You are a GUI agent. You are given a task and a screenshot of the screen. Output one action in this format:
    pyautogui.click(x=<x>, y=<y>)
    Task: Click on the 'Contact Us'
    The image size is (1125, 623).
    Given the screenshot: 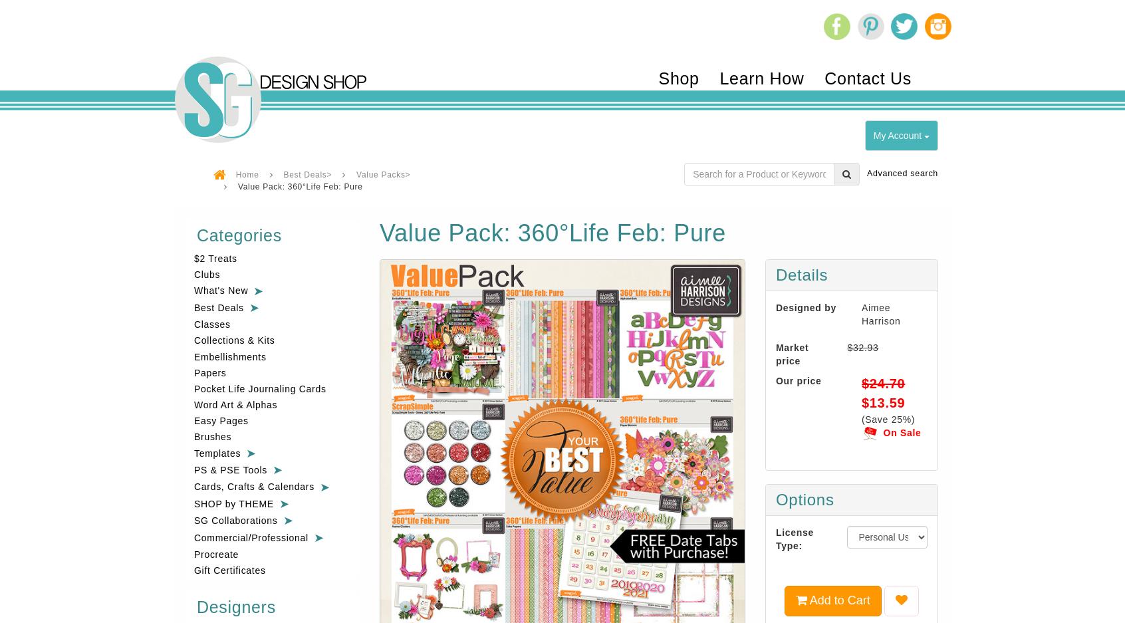 What is the action you would take?
    pyautogui.click(x=867, y=78)
    